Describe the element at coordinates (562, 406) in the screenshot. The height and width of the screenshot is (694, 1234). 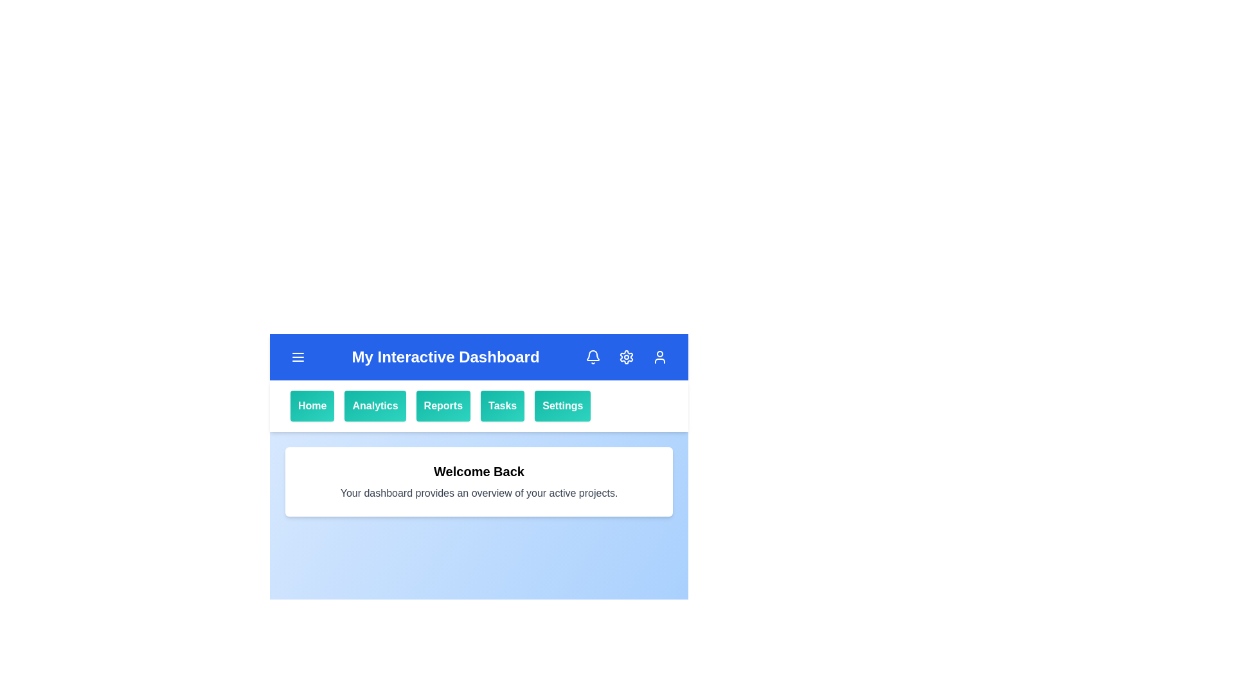
I see `the Settings button in the navigation bar` at that location.